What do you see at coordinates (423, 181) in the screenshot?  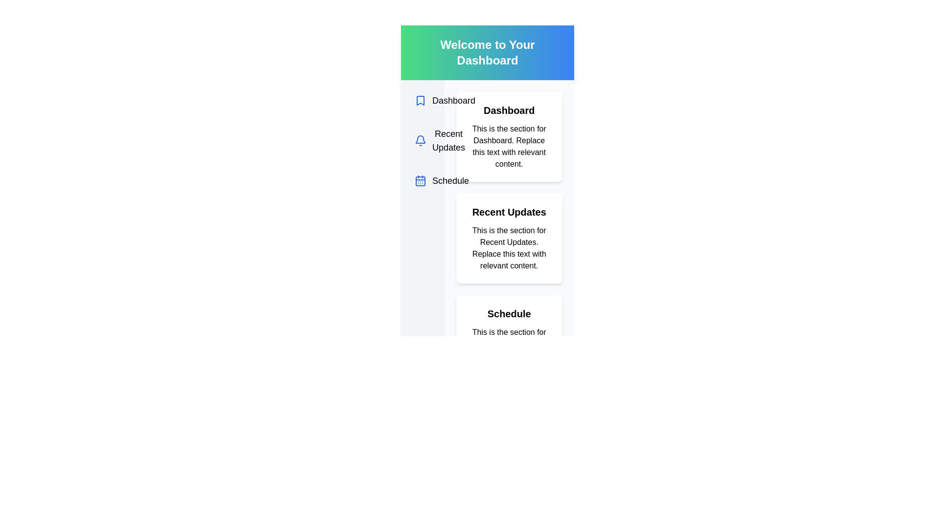 I see `the small blue calendar icon located in the vertical navigation menu, adjacent to the text 'Schedule'` at bounding box center [423, 181].